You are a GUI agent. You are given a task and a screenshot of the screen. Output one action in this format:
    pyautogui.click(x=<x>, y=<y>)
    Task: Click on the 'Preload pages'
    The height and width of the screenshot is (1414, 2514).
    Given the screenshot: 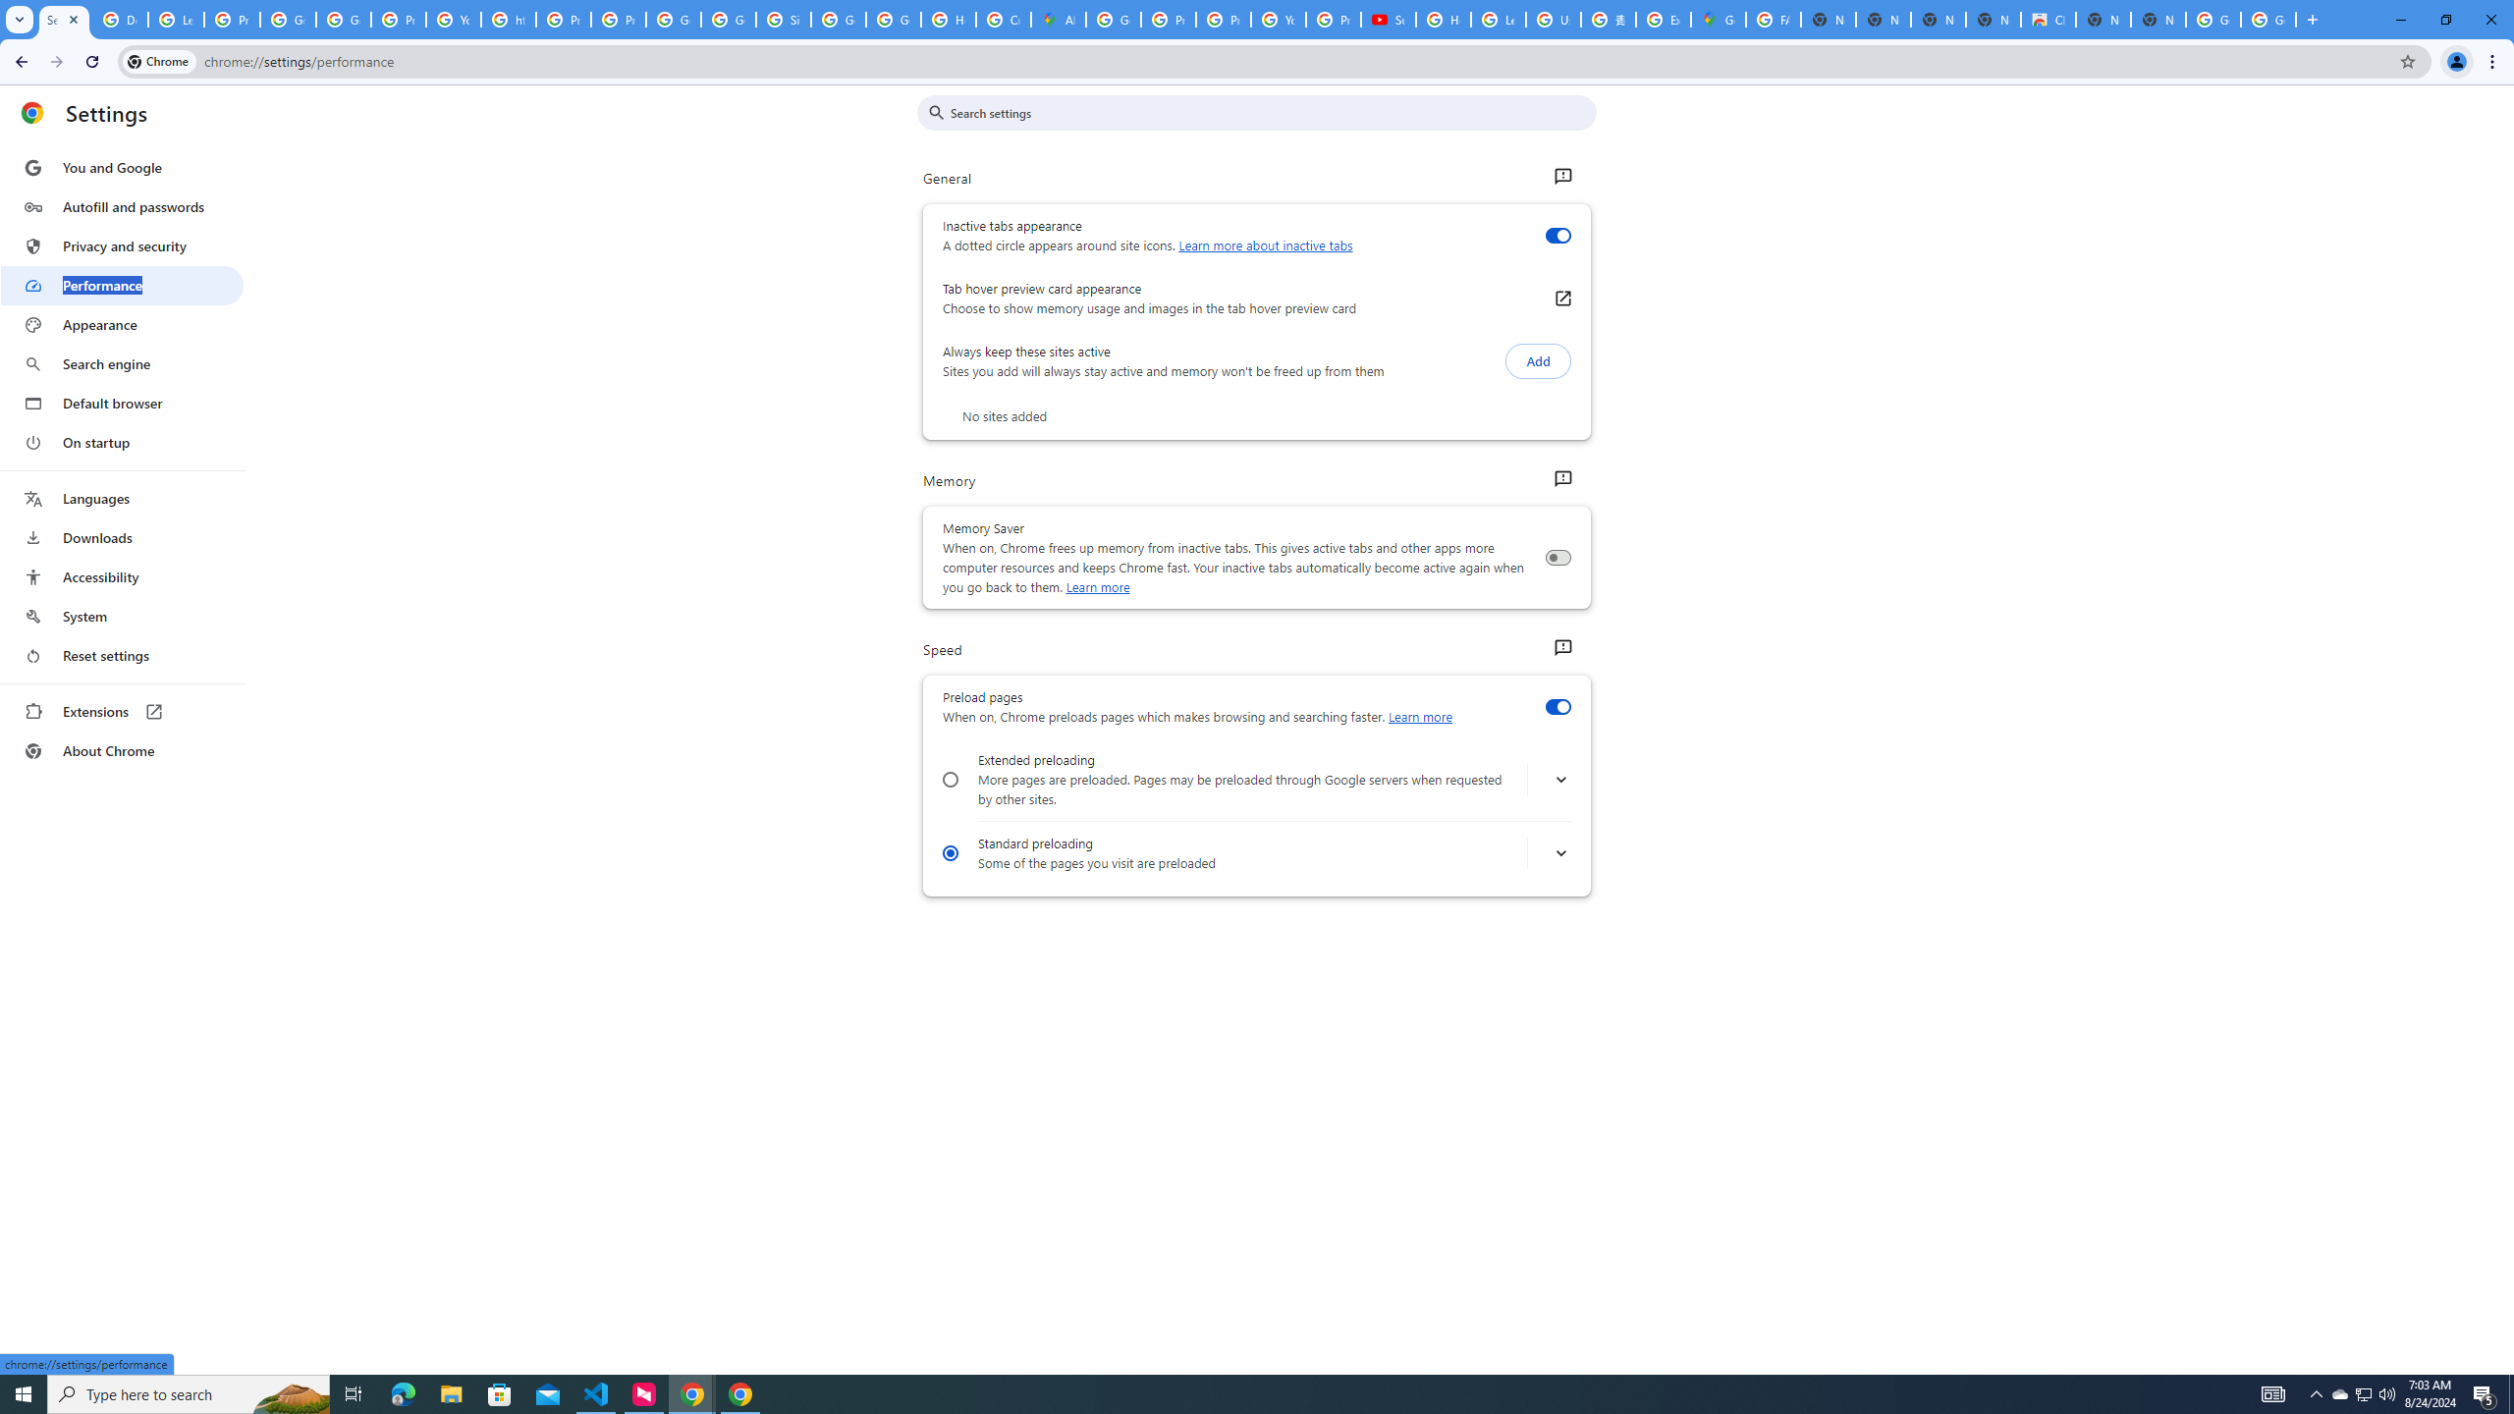 What is the action you would take?
    pyautogui.click(x=1557, y=707)
    